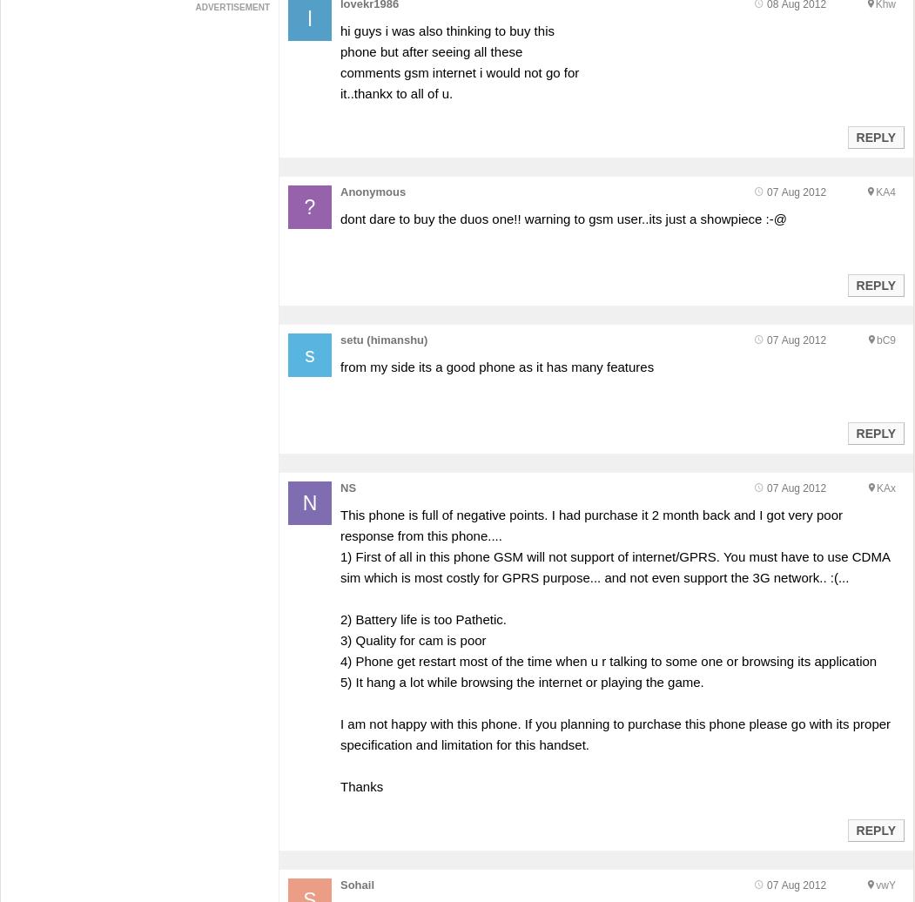  Describe the element at coordinates (614, 567) in the screenshot. I see `'1) First of all in this phone GSM will not support of internet/GPRS. You must have to use CDMA sim which is most costly for GPRS purpose... and not even support the 3G network.. :(...'` at that location.